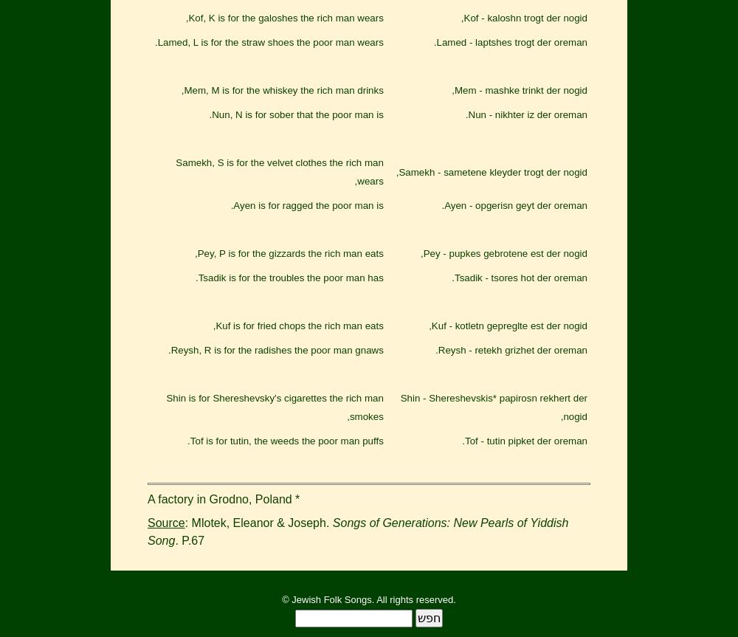  I want to click on 'Source', so click(165, 523).